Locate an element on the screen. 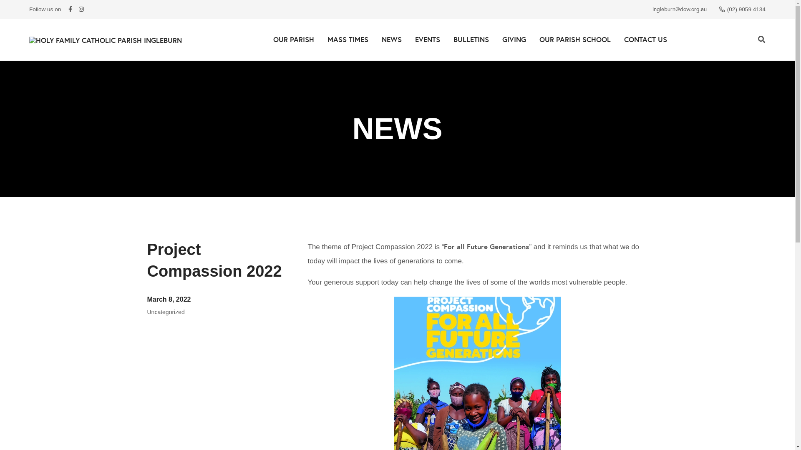  'Search' is located at coordinates (761, 40).